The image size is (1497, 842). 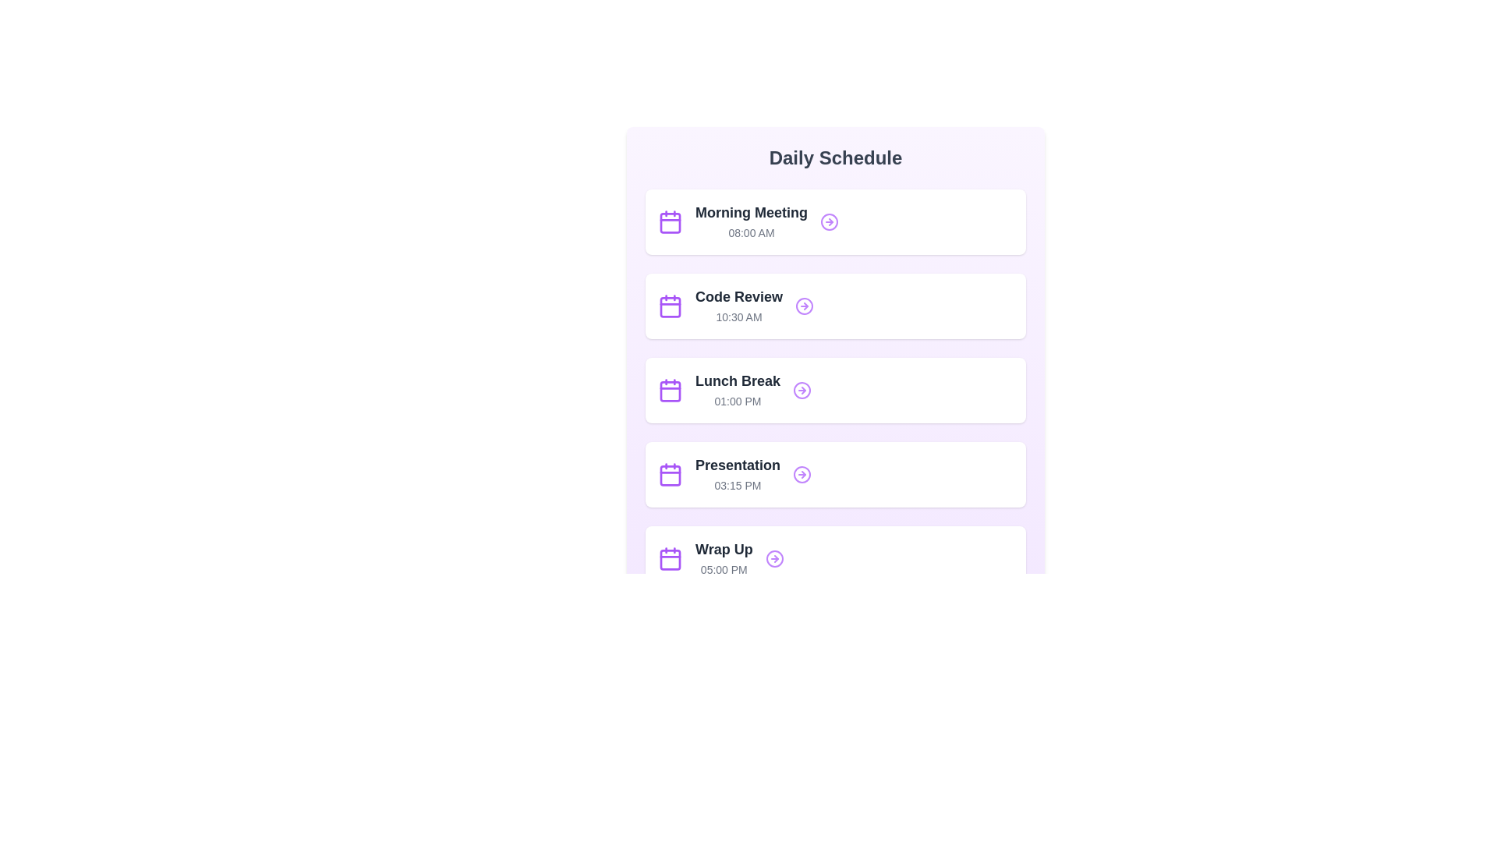 What do you see at coordinates (737, 485) in the screenshot?
I see `the text label displaying '03:15 PM', which is located directly below the 'Presentation' text within the corresponding schedule card` at bounding box center [737, 485].